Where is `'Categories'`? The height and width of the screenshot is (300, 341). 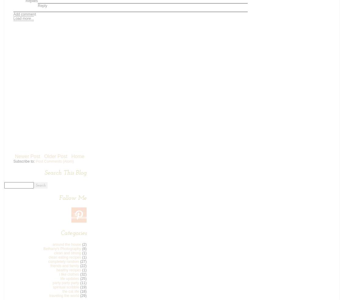
'Categories' is located at coordinates (61, 233).